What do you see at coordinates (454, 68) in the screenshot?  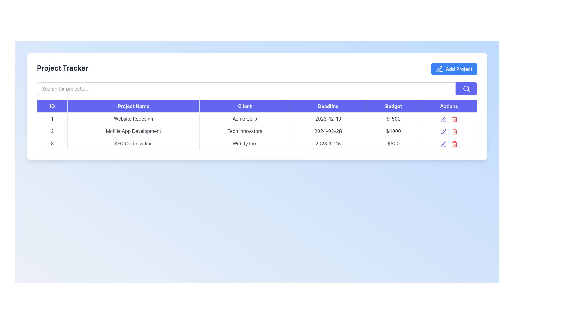 I see `the button for adding new projects located in the top-right corner of the 'Project Tracker' layout to change its color` at bounding box center [454, 68].